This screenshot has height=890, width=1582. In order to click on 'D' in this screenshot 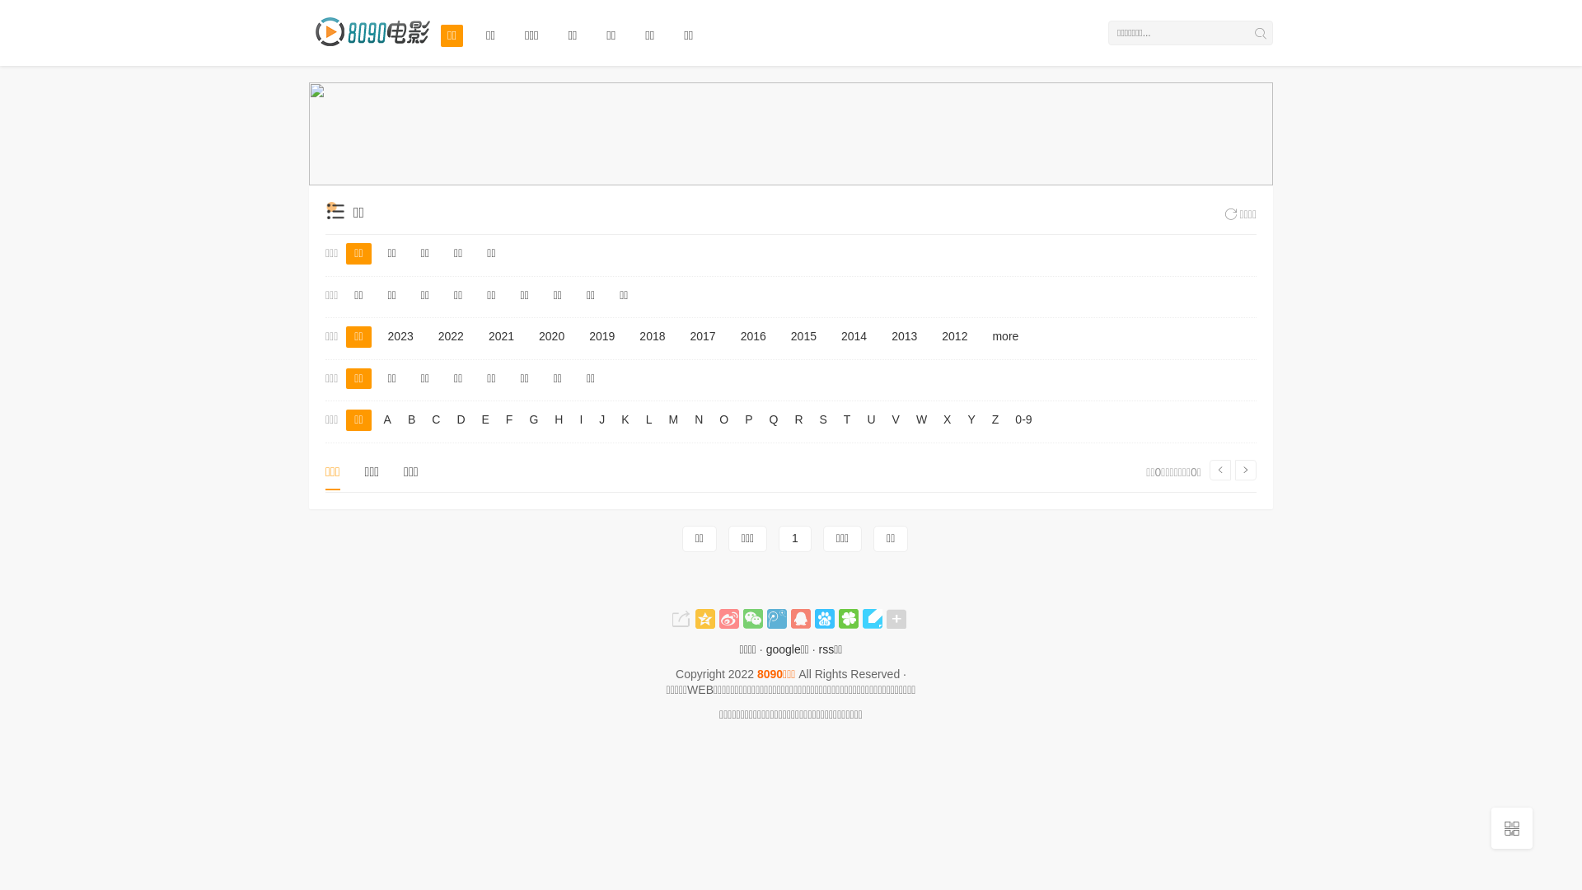, I will do `click(460, 419)`.